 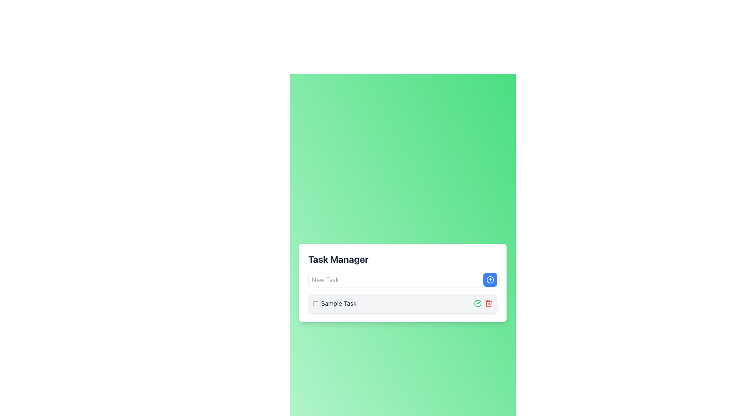 What do you see at coordinates (490, 279) in the screenshot?
I see `the interactive button icon for adding a new task in the task manager interface to receive potential tooltip feedback` at bounding box center [490, 279].